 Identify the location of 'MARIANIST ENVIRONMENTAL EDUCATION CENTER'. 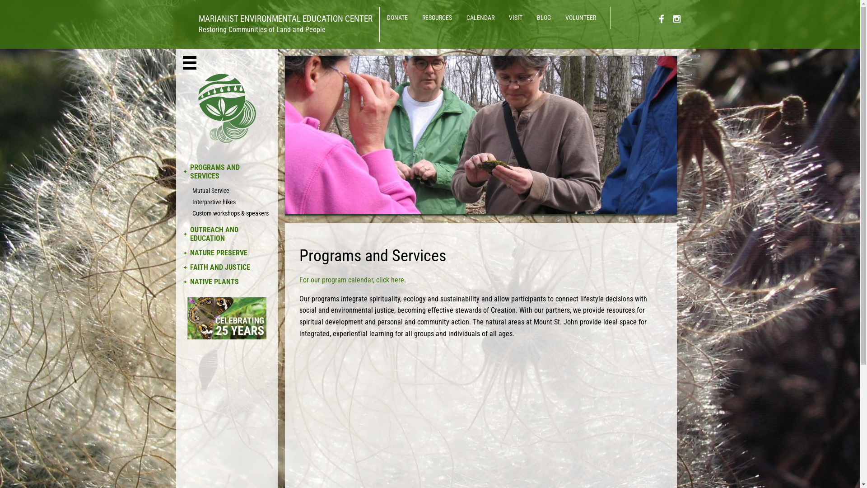
(274, 19).